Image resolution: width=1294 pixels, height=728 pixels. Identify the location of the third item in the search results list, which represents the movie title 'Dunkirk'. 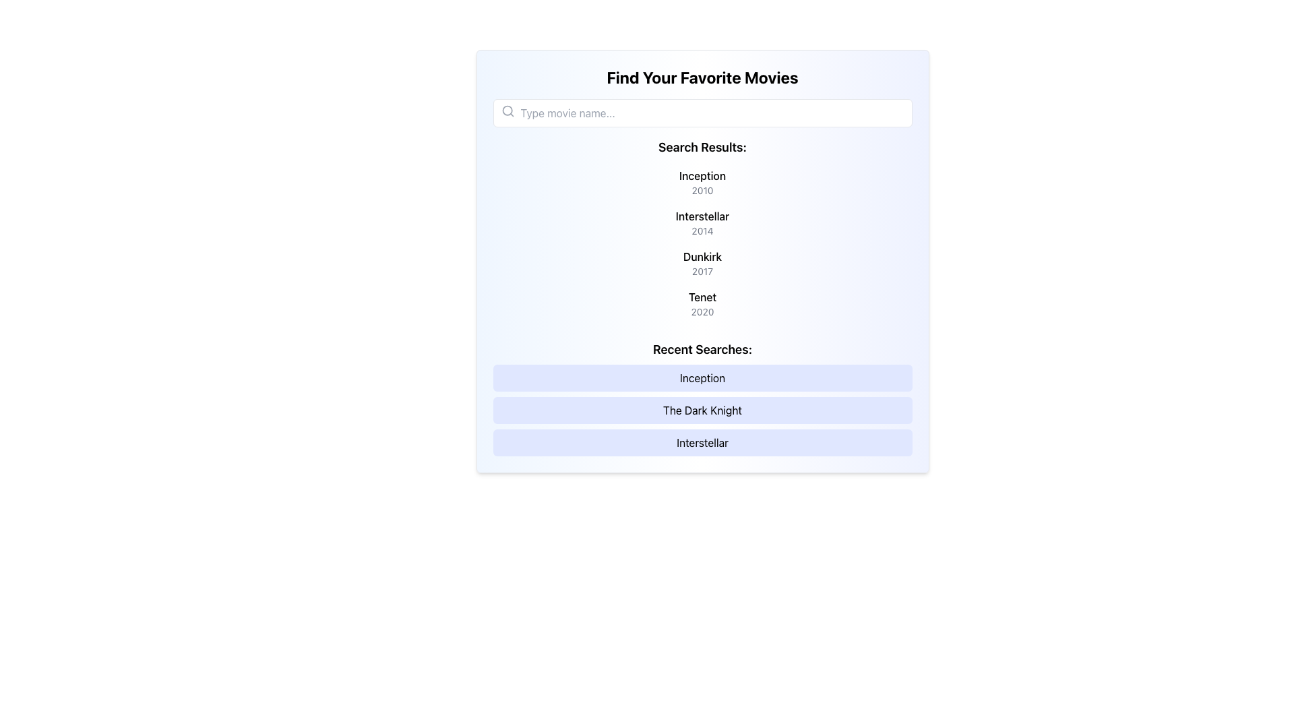
(702, 263).